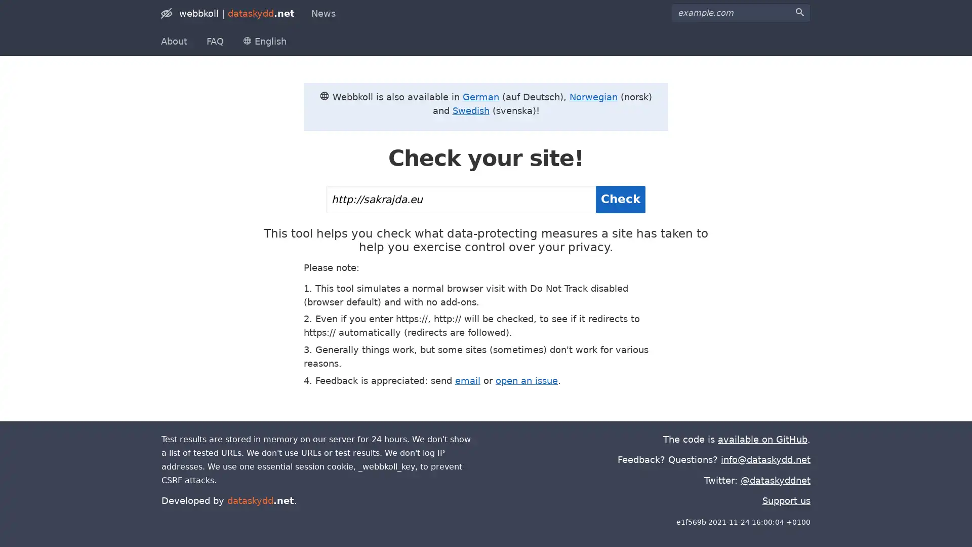  Describe the element at coordinates (620, 199) in the screenshot. I see `Check` at that location.